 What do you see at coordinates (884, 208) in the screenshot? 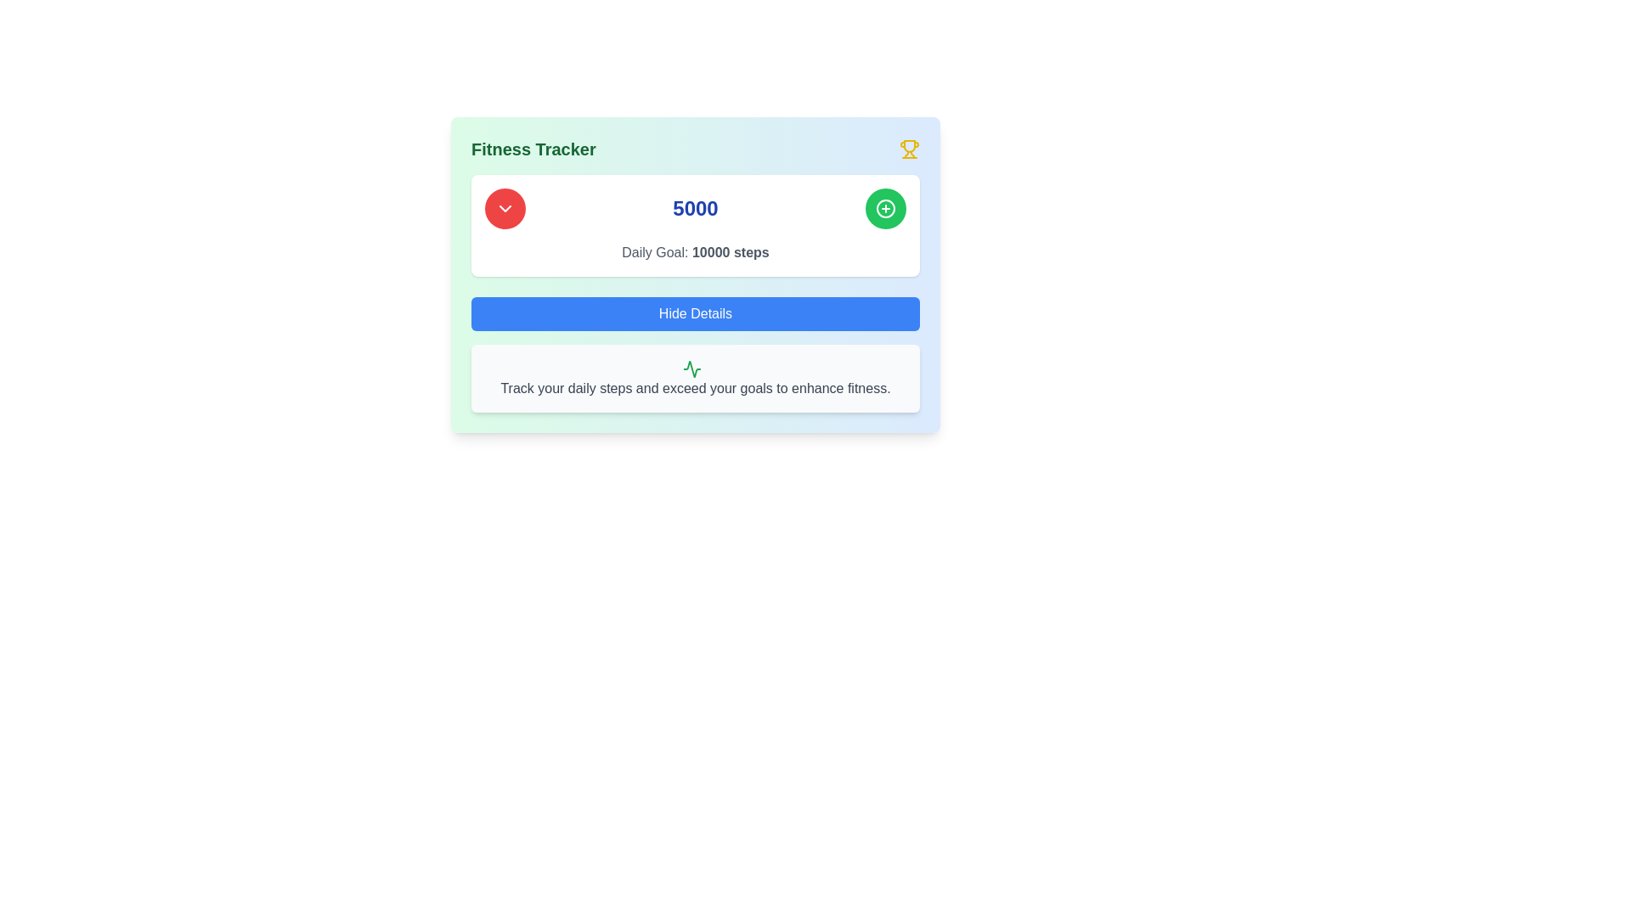
I see `the circular icon button with a green background and a white plus symbol located in the top-right section of the fitness tracker card` at bounding box center [884, 208].